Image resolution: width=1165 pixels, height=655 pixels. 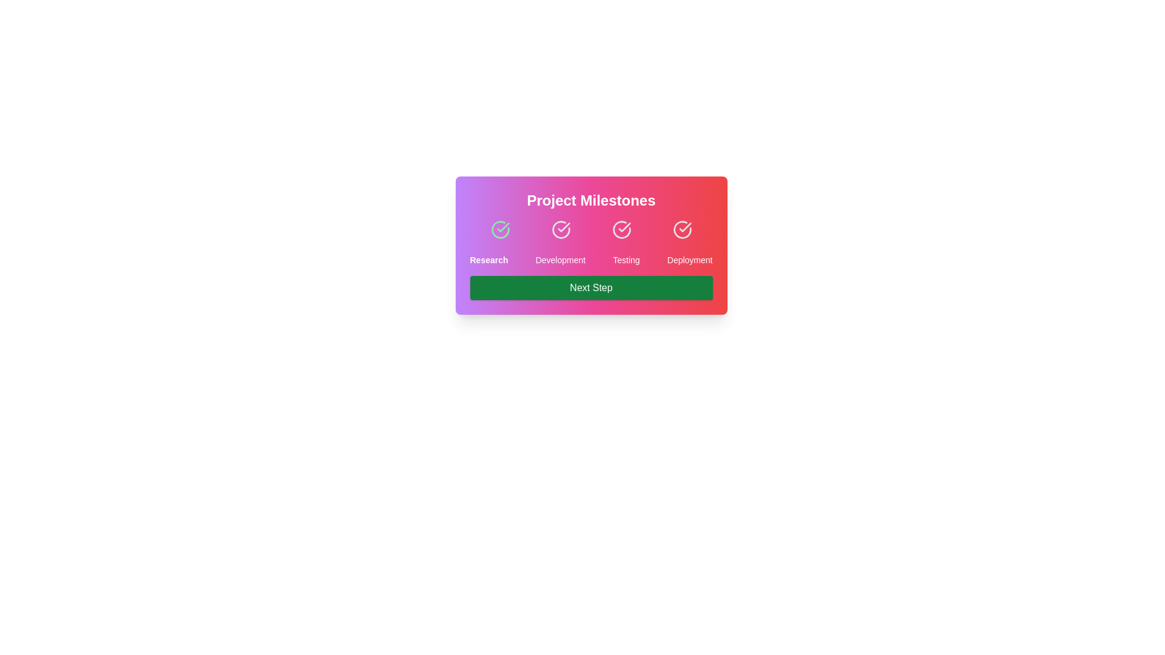 I want to click on the circular badge icon with a checkmark inside, styled in red, indicating the 'Deployment' milestone status, so click(x=682, y=229).